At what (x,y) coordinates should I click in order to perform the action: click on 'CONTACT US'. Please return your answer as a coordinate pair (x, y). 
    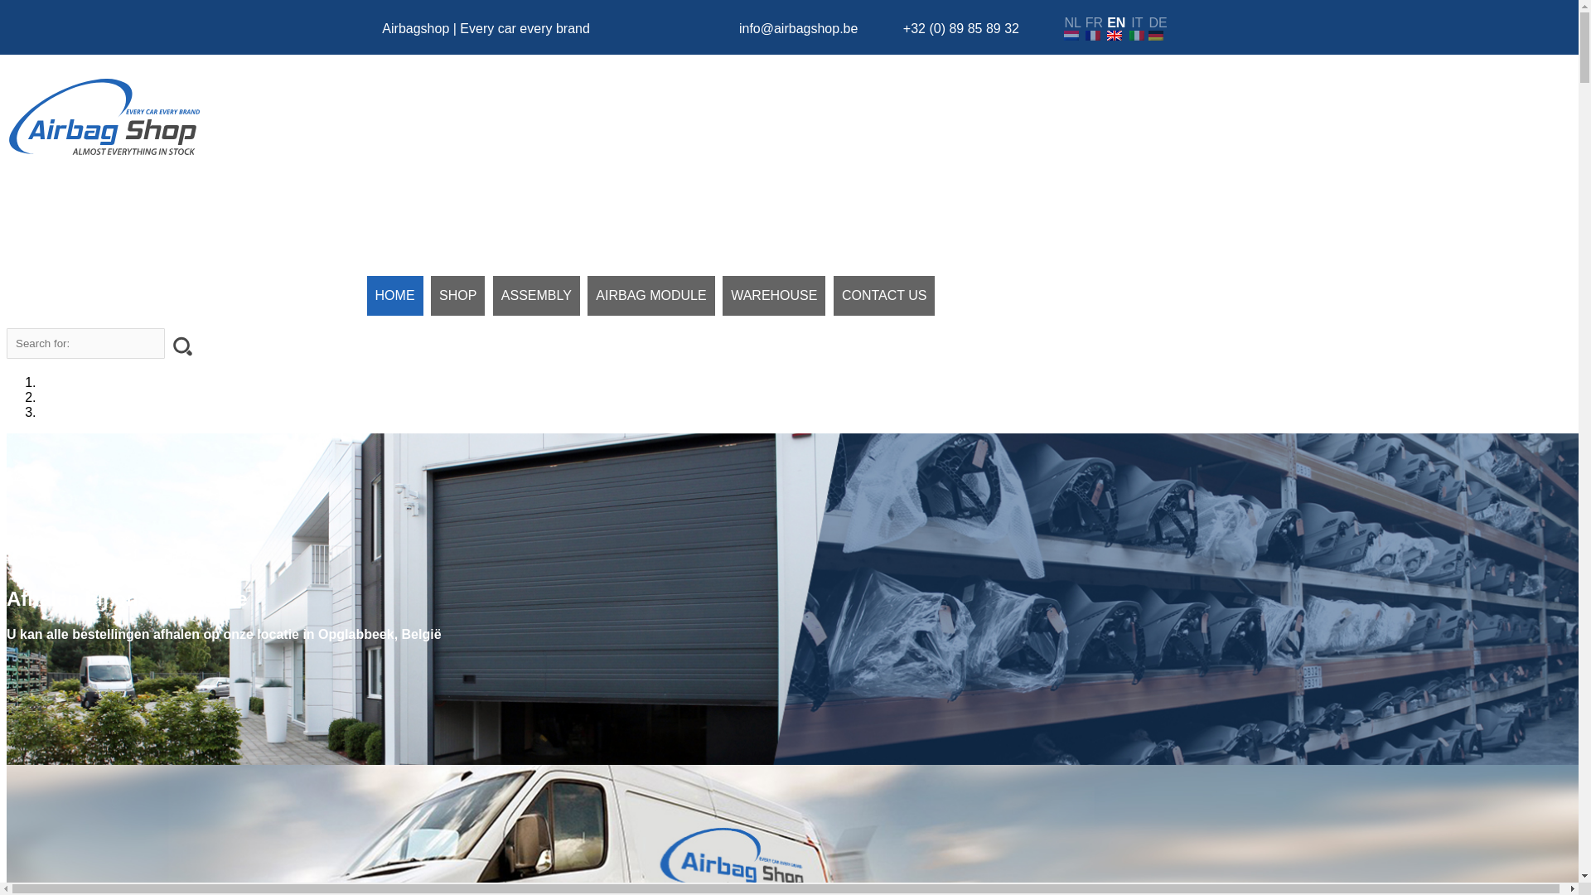
    Looking at the image, I should click on (834, 295).